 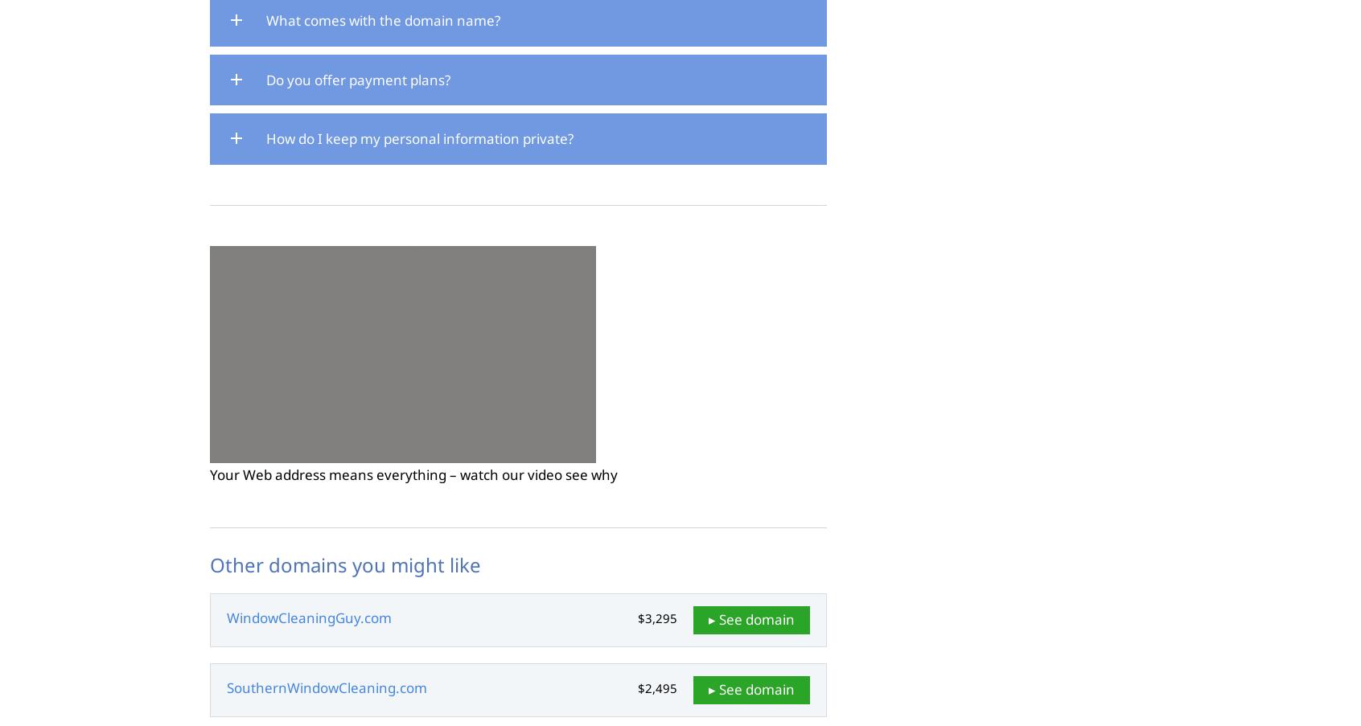 I want to click on 'SouthernWindowCleaning.com', so click(x=227, y=687).